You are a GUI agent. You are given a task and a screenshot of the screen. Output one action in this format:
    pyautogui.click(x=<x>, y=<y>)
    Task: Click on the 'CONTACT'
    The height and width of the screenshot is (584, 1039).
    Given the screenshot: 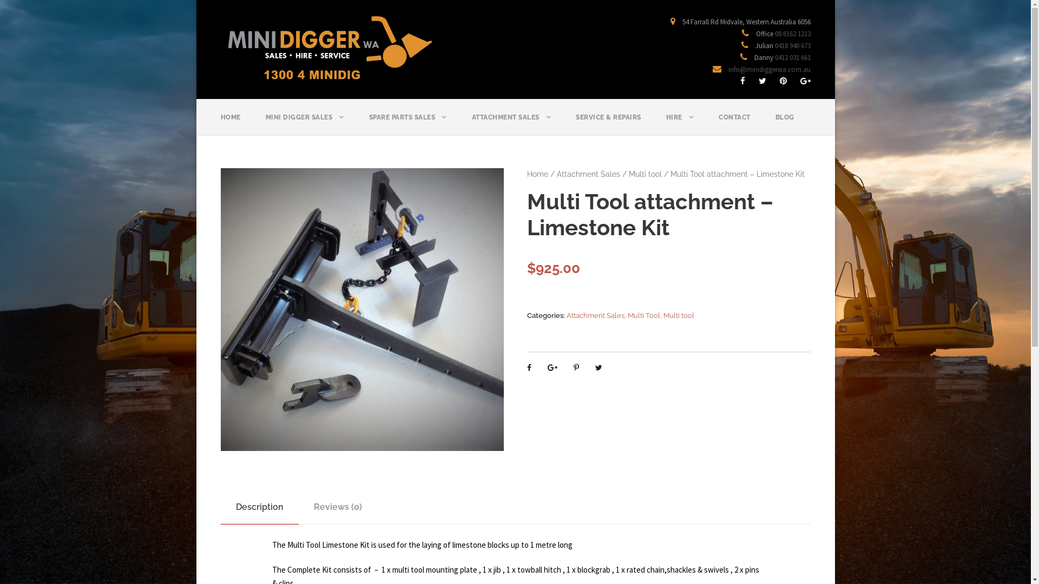 What is the action you would take?
    pyautogui.click(x=734, y=123)
    